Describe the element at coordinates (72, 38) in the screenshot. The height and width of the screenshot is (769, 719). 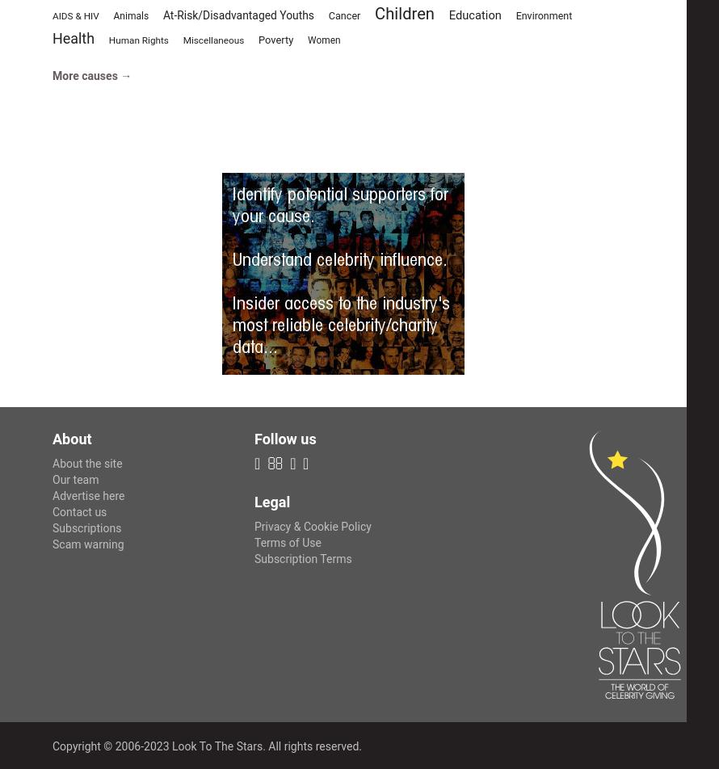
I see `'Health'` at that location.